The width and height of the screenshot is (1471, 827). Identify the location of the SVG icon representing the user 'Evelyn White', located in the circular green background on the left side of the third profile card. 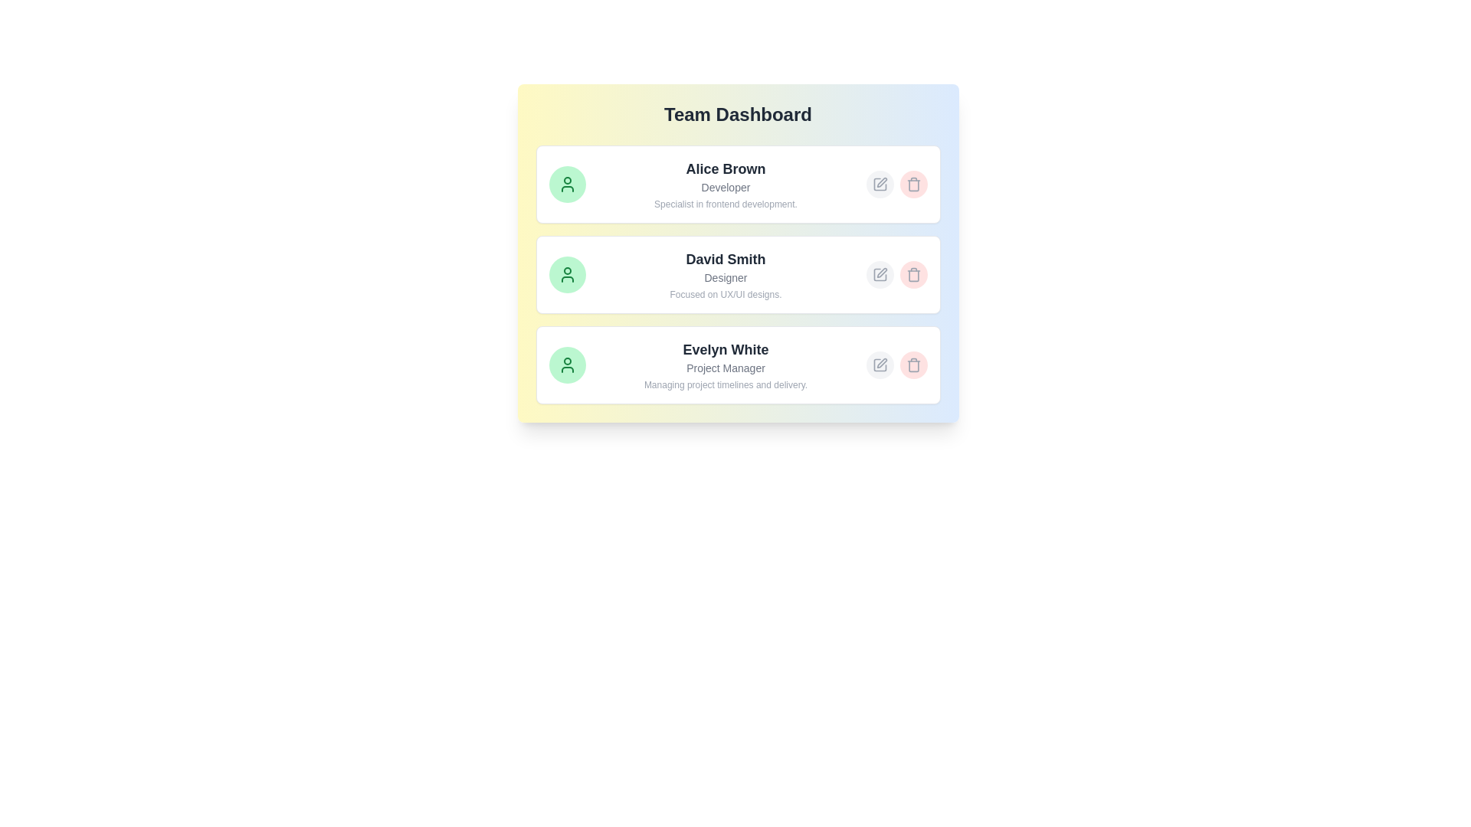
(566, 365).